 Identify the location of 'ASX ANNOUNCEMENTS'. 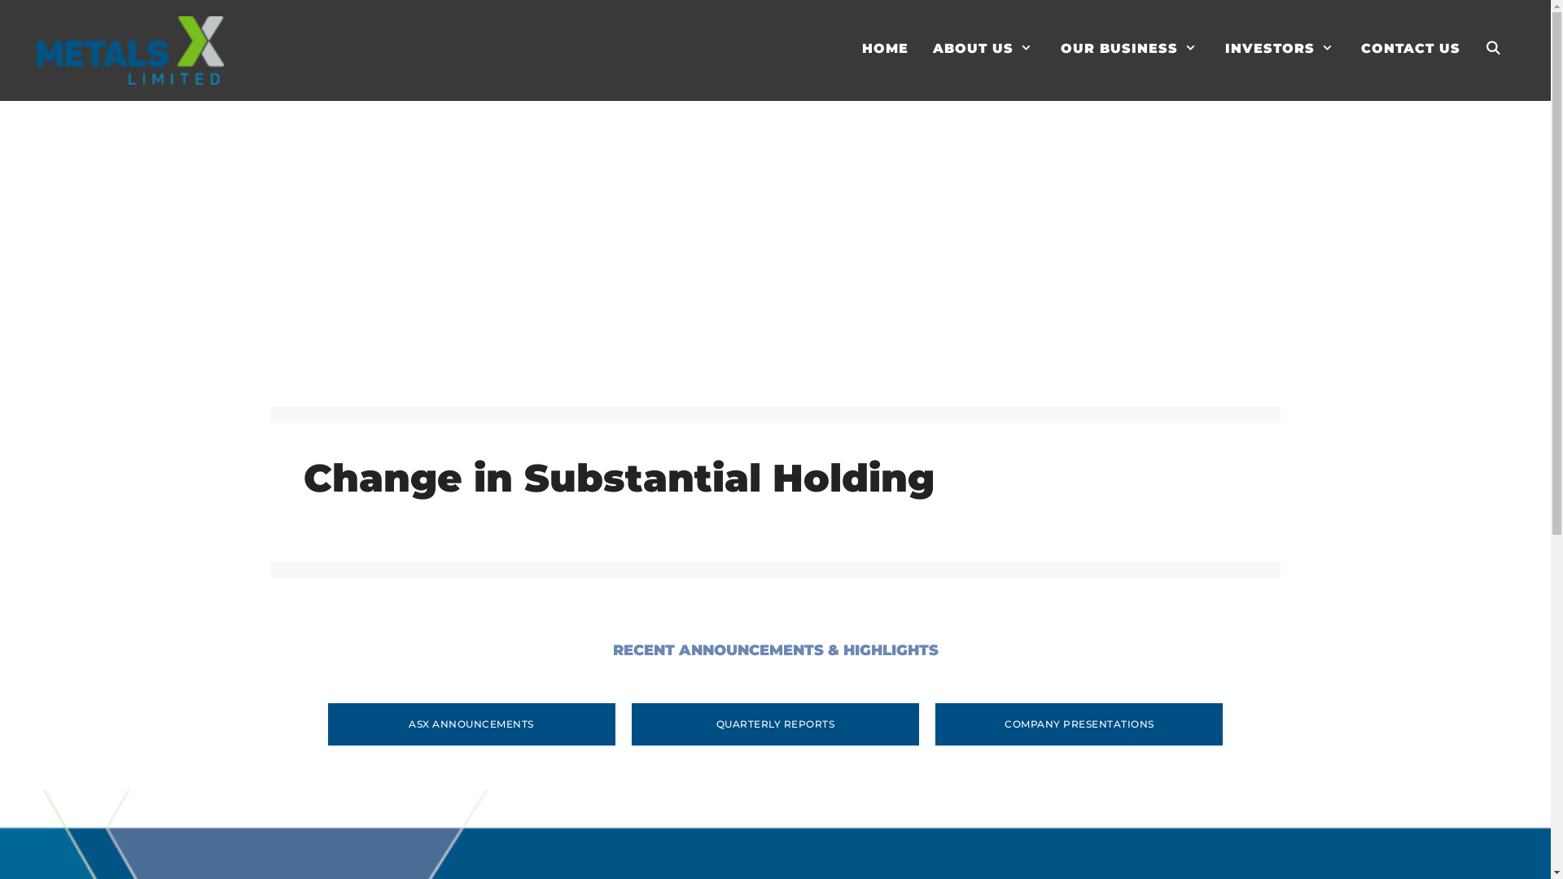
(470, 724).